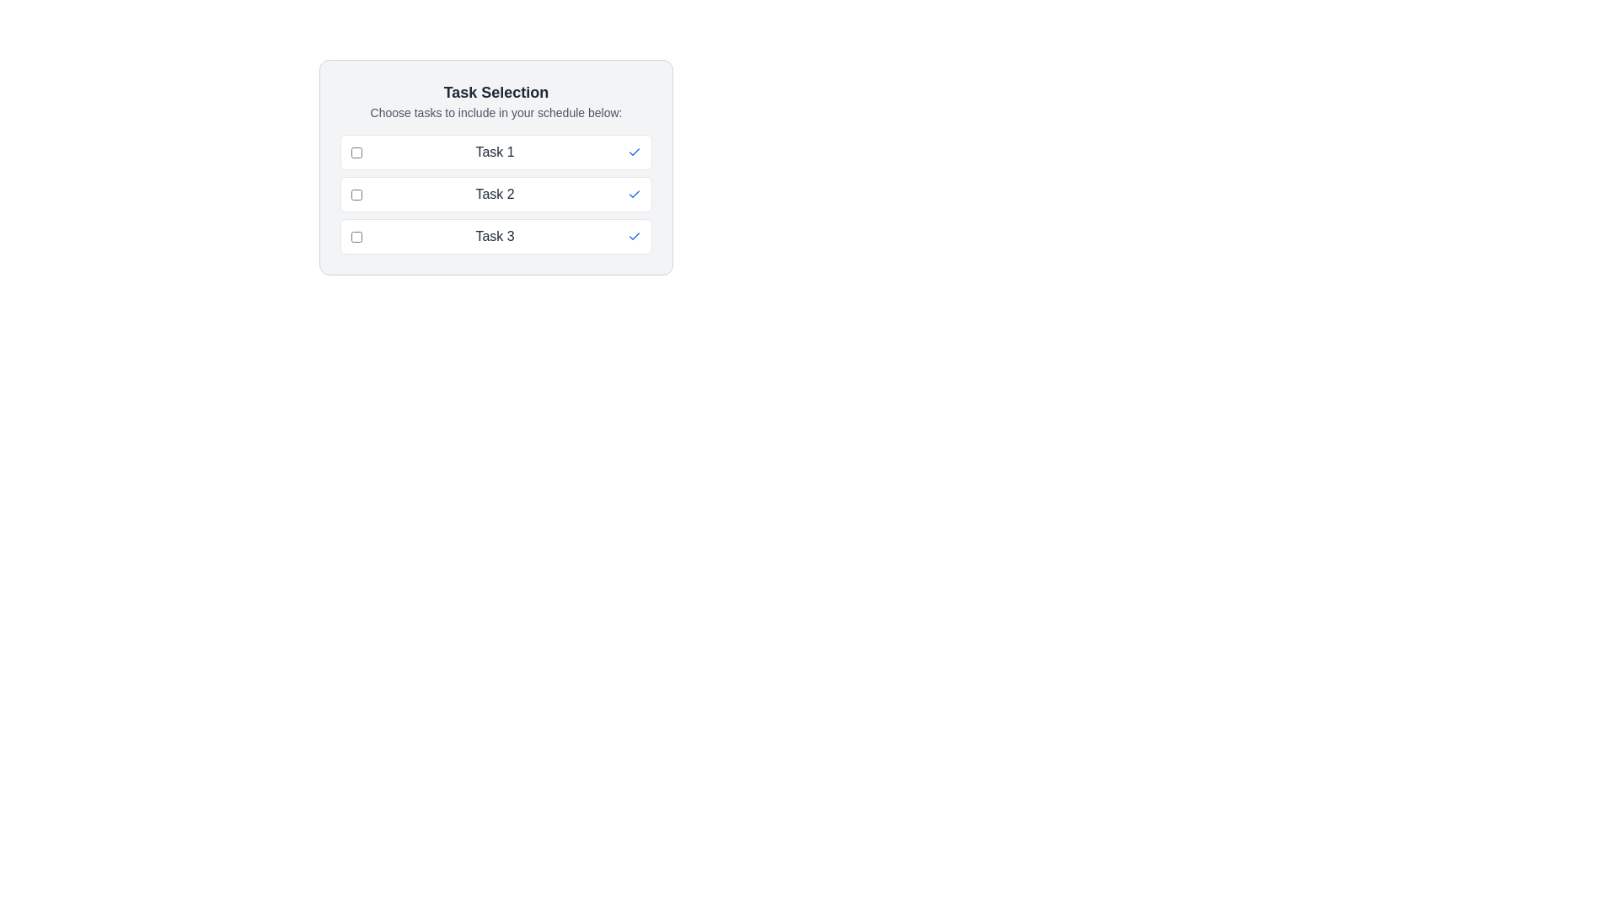 The width and height of the screenshot is (1618, 910). Describe the element at coordinates (356, 153) in the screenshot. I see `the checkbox for 'Task 1'` at that location.